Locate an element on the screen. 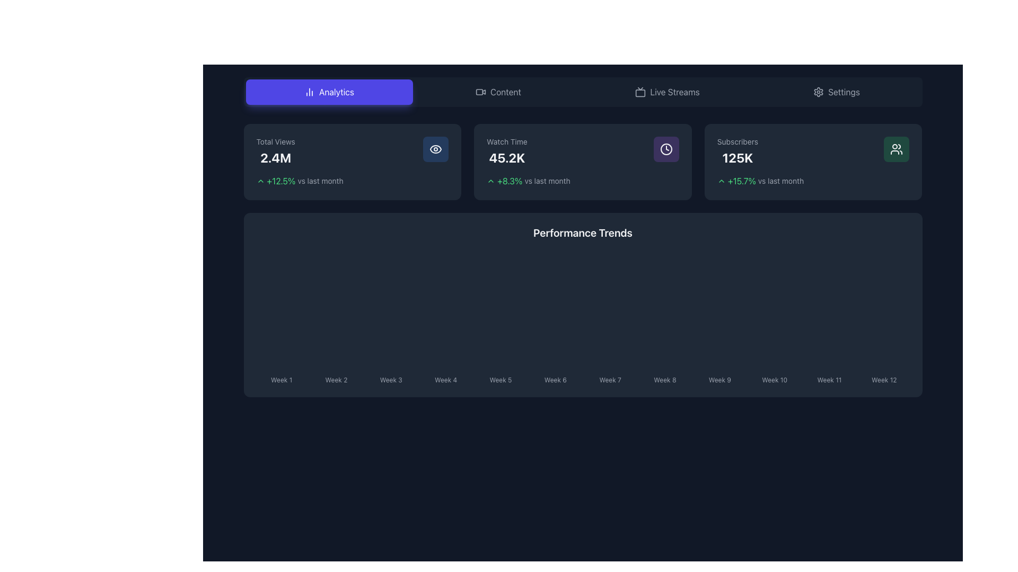 The image size is (1018, 572). the visibility icon located in the 'Total Views' card at the top-right corner is located at coordinates (436, 149).